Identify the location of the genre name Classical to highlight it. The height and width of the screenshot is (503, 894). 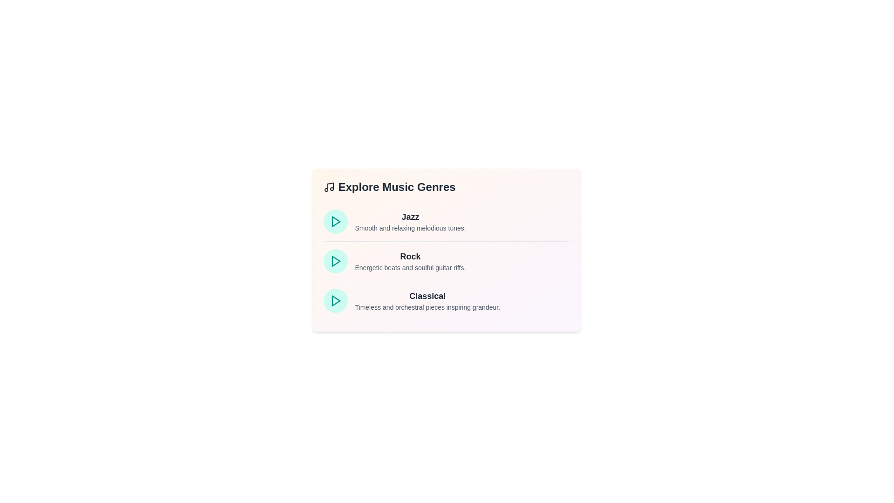
(427, 296).